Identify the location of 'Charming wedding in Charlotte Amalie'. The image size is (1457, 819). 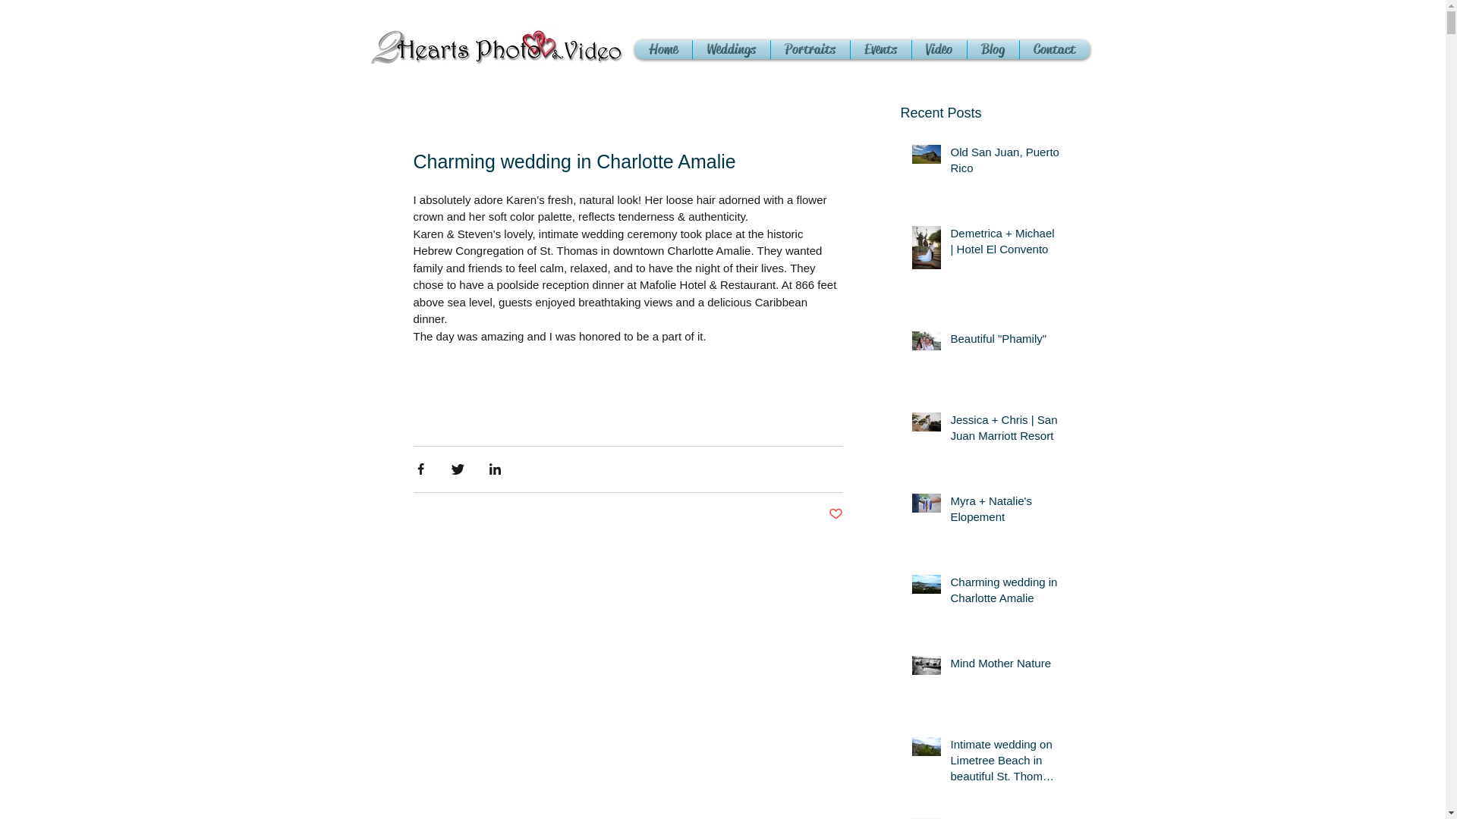
(949, 592).